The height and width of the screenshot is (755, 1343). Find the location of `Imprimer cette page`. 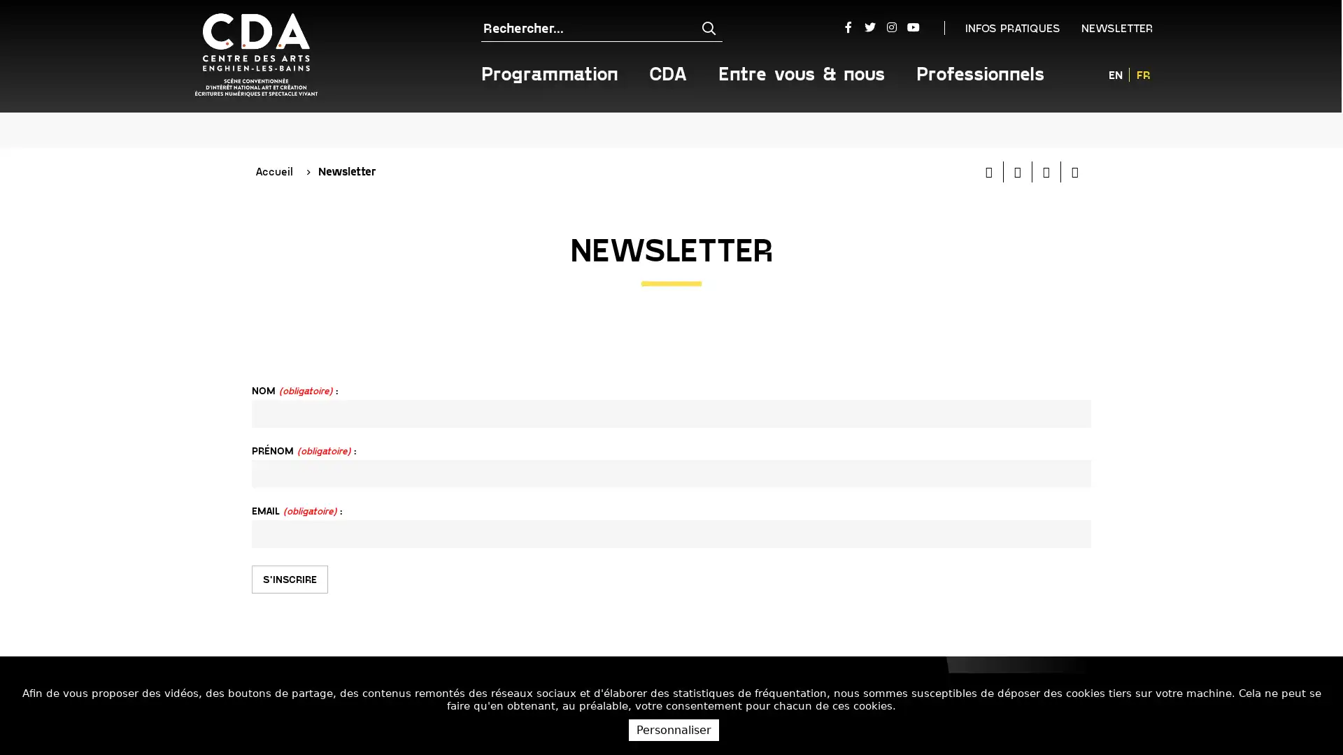

Imprimer cette page is located at coordinates (988, 137).